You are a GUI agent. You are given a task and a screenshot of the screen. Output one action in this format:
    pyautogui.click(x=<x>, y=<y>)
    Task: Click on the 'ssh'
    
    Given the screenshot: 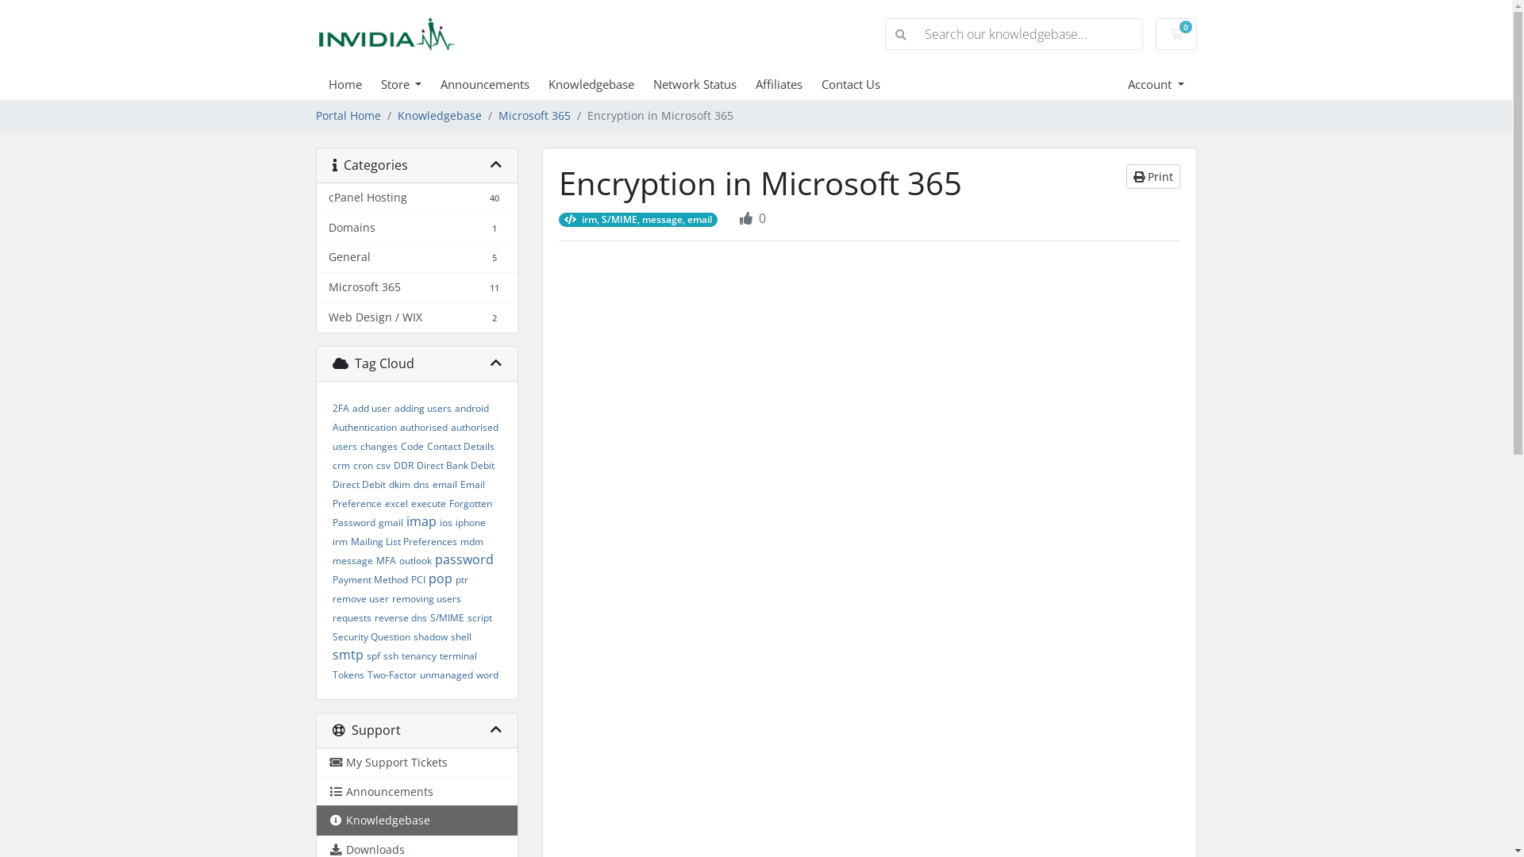 What is the action you would take?
    pyautogui.click(x=390, y=655)
    